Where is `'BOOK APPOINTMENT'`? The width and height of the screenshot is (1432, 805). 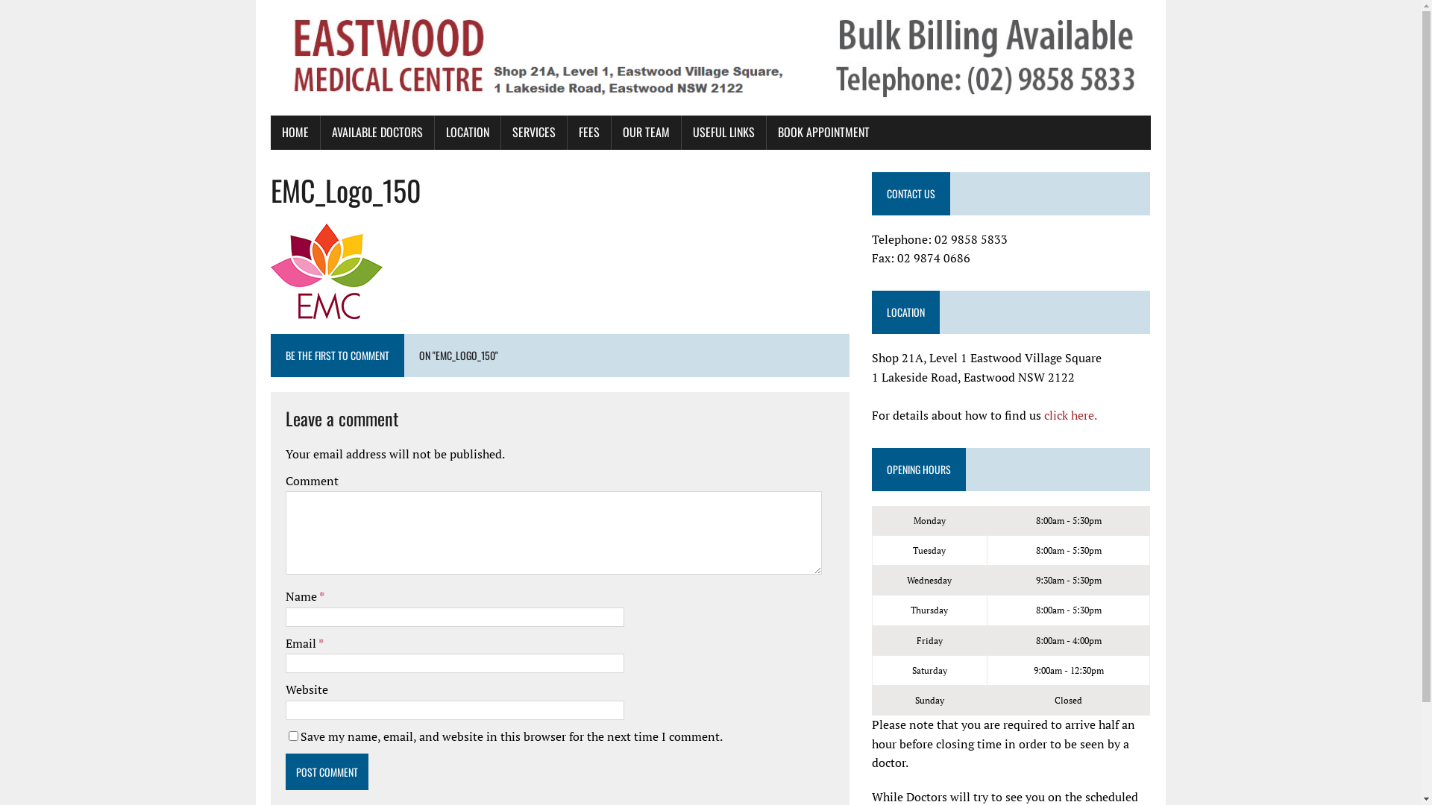 'BOOK APPOINTMENT' is located at coordinates (766, 131).